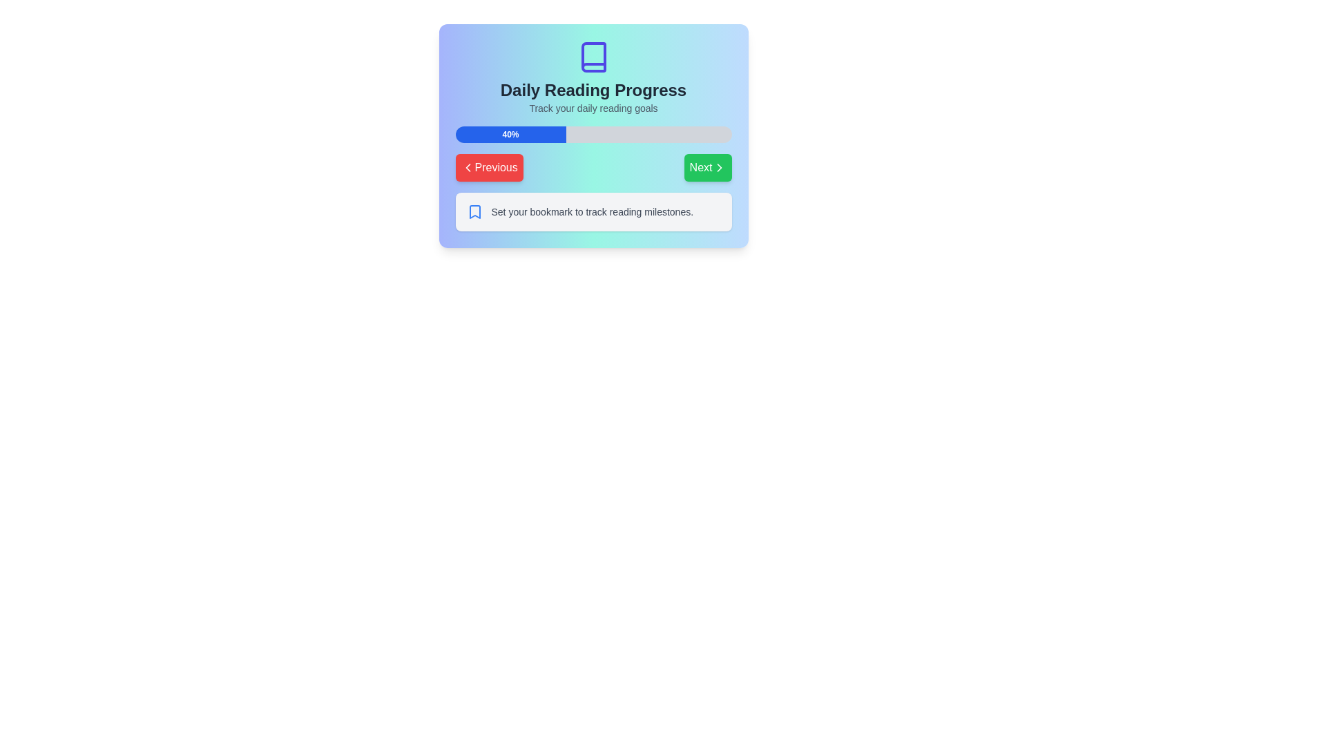 The height and width of the screenshot is (746, 1326). I want to click on the progress value displayed on the Progress Bar within the 'Daily Reading Progress' card, which shows 40% completion, so click(593, 135).